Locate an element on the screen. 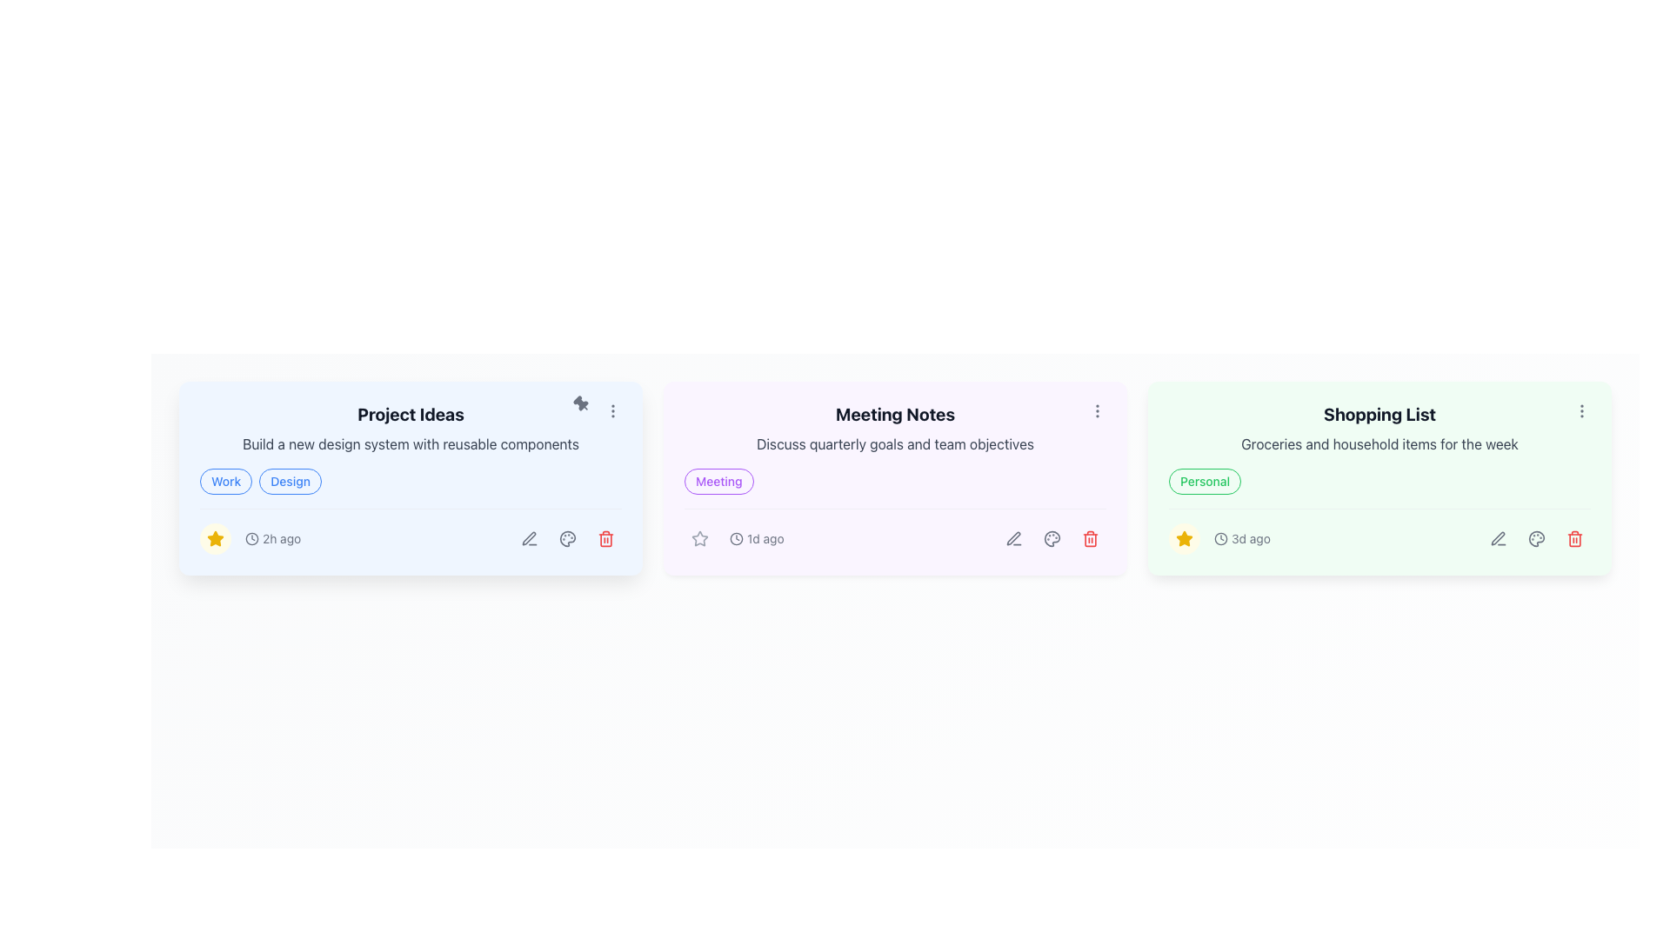  the timestamp information text element located at the bottom-left of the 'Meeting Notes' card, positioned to the right of the star icon is located at coordinates (757, 538).